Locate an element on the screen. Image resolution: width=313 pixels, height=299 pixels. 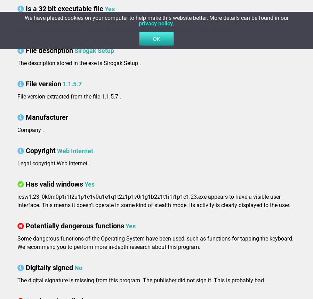
'Company                                                             .' is located at coordinates (30, 129).